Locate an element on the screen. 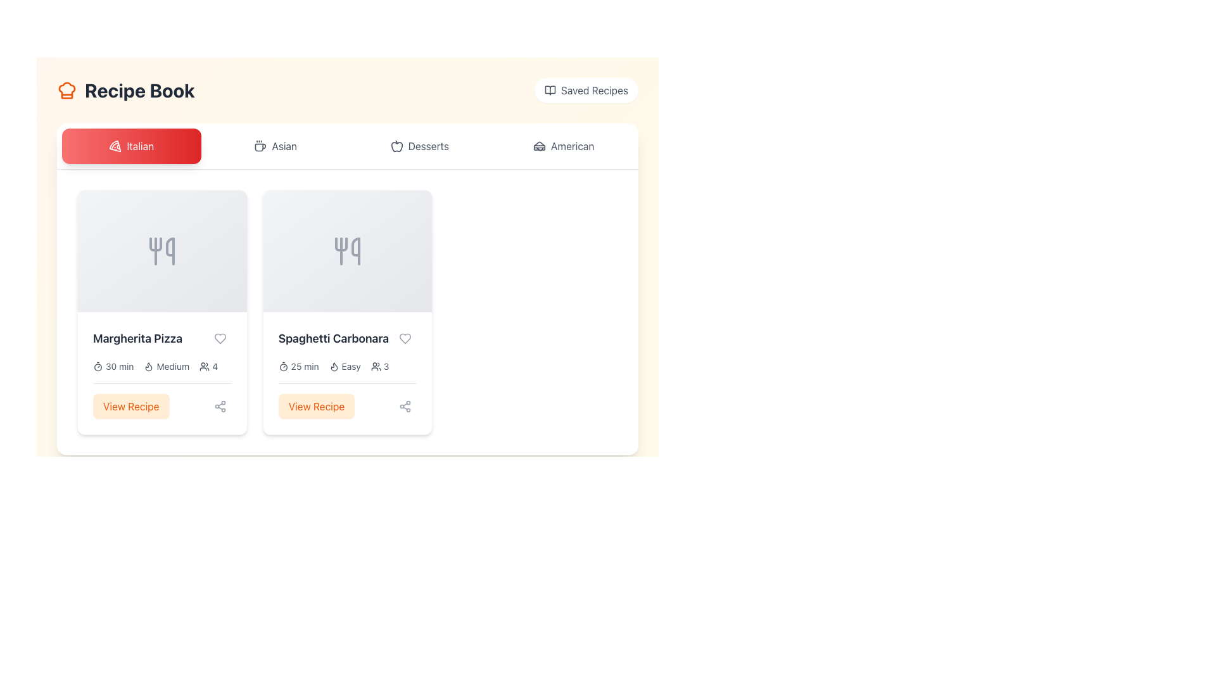  time, difficulty, and servings from the text with embedded icons section located below the 'Margherita Pizza' title and above the 'View Recipe' button is located at coordinates (161, 366).